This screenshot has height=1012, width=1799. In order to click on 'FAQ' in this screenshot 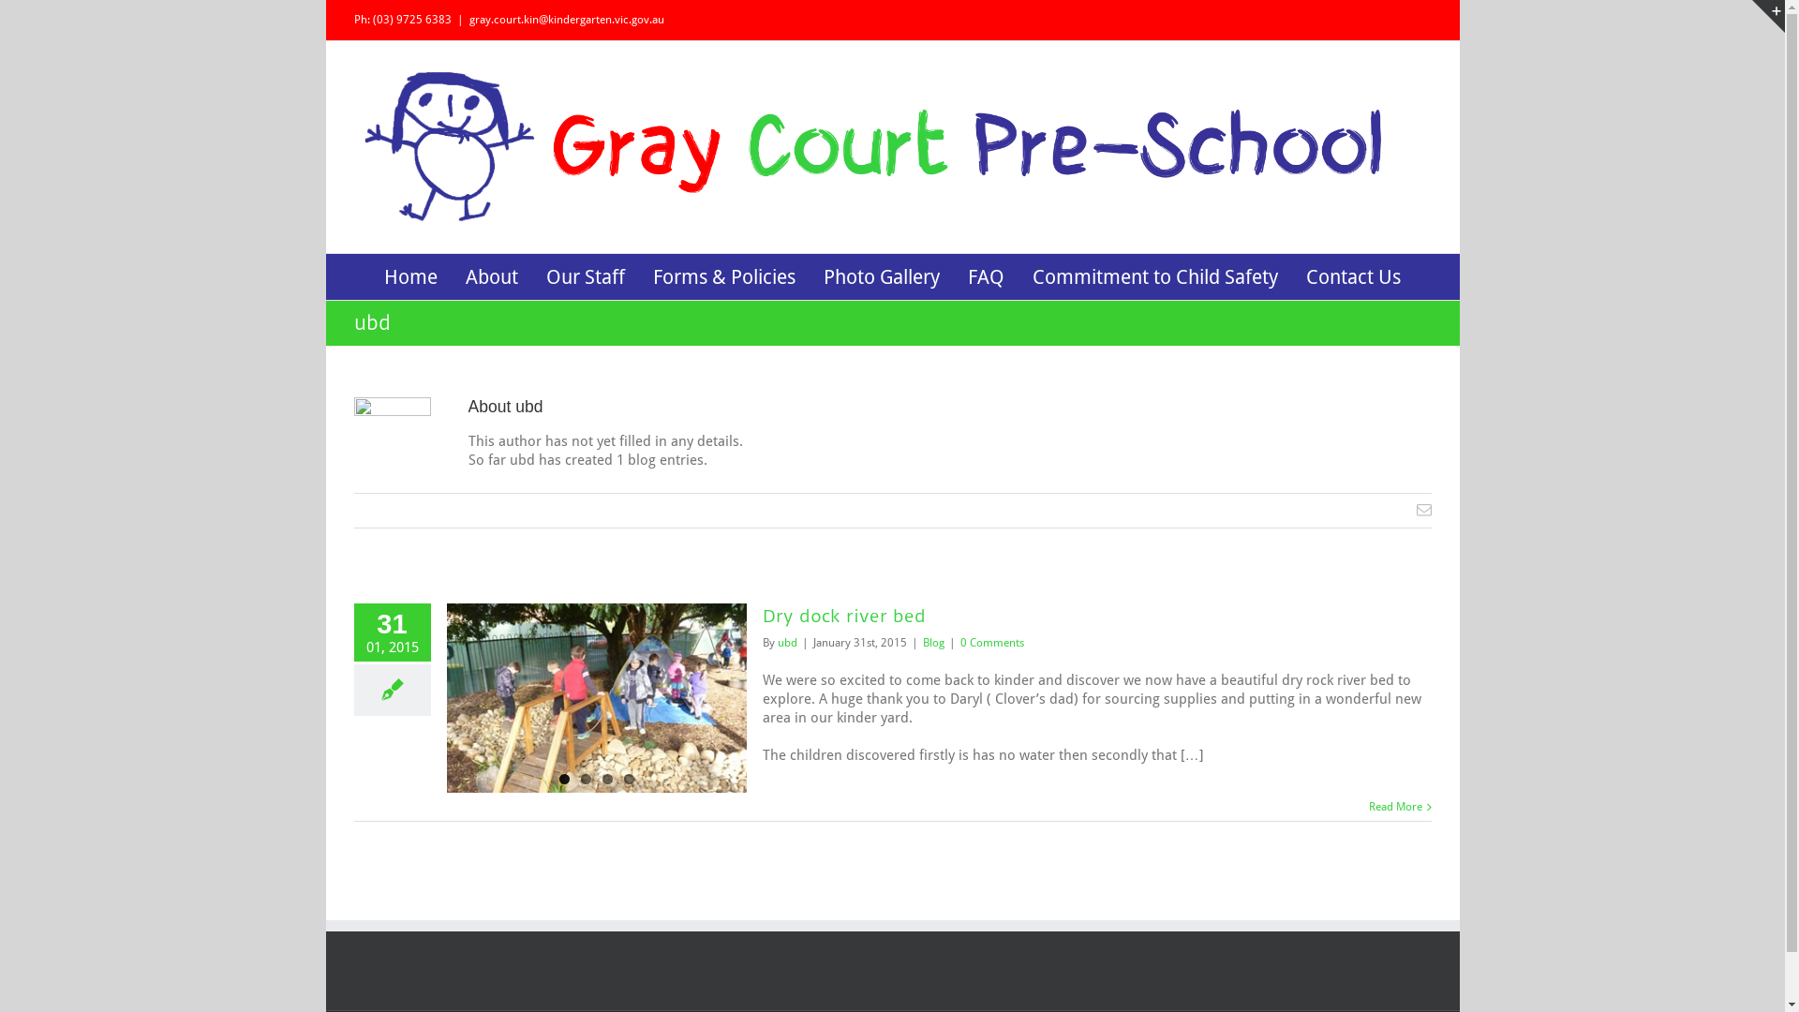, I will do `click(985, 275)`.